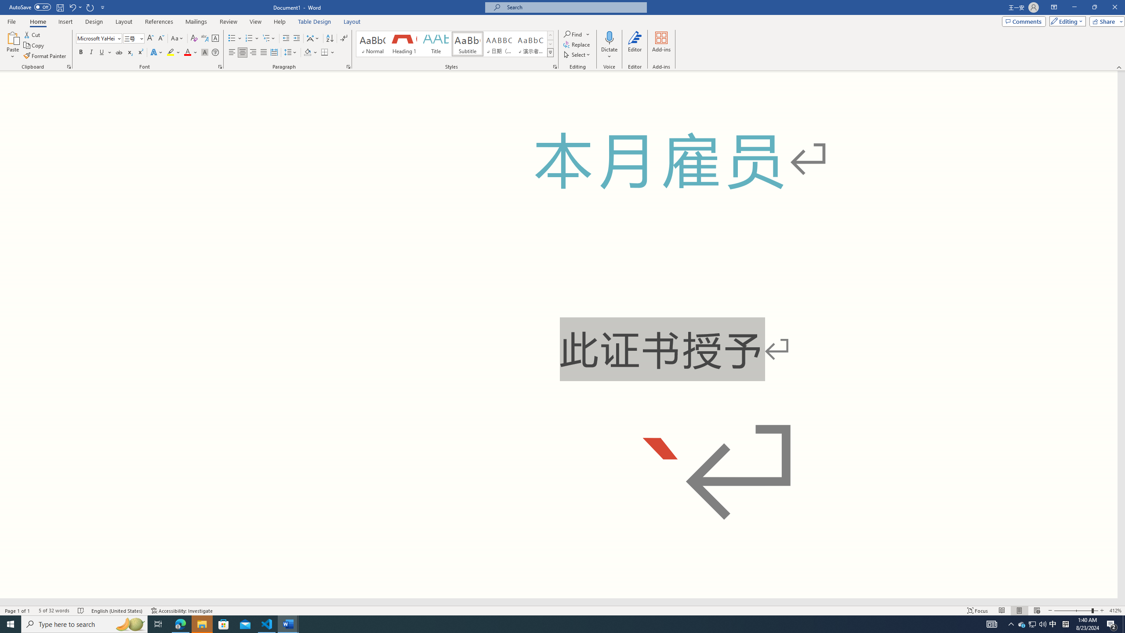 The width and height of the screenshot is (1125, 633). What do you see at coordinates (1023, 21) in the screenshot?
I see `'Comments'` at bounding box center [1023, 21].